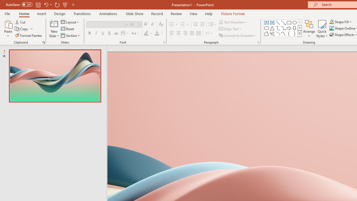 Image resolution: width=357 pixels, height=201 pixels. What do you see at coordinates (134, 13) in the screenshot?
I see `'Slide Show'` at bounding box center [134, 13].